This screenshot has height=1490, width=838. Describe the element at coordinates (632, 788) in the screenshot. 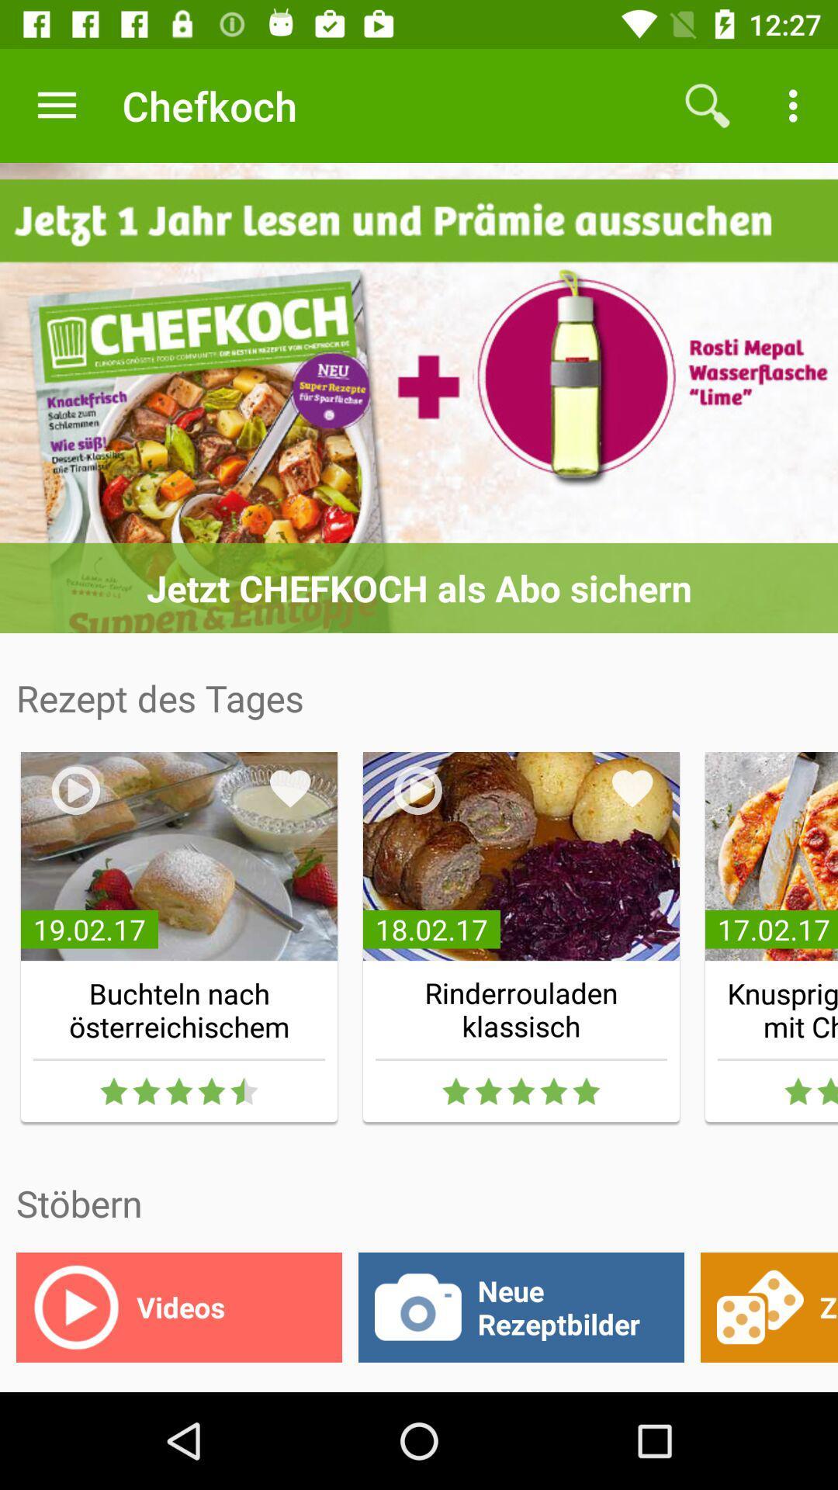

I see `the item above rinderrouladen klassisch` at that location.